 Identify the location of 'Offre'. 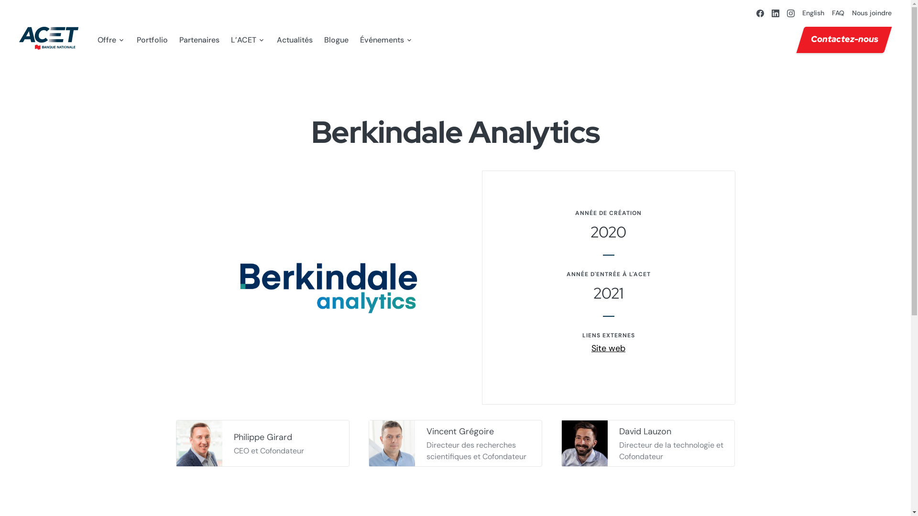
(111, 39).